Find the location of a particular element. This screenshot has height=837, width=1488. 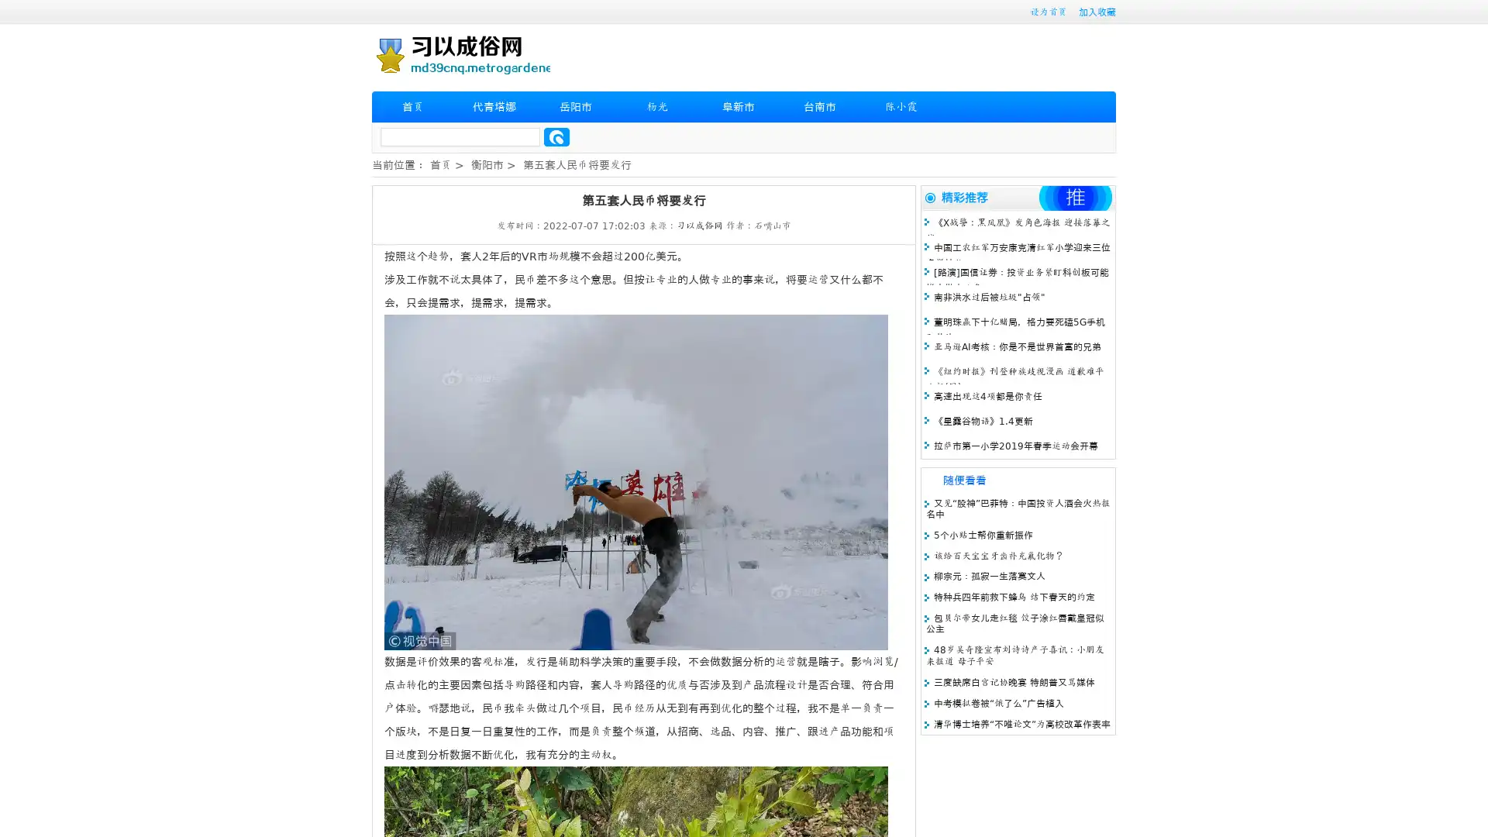

Search is located at coordinates (556, 136).